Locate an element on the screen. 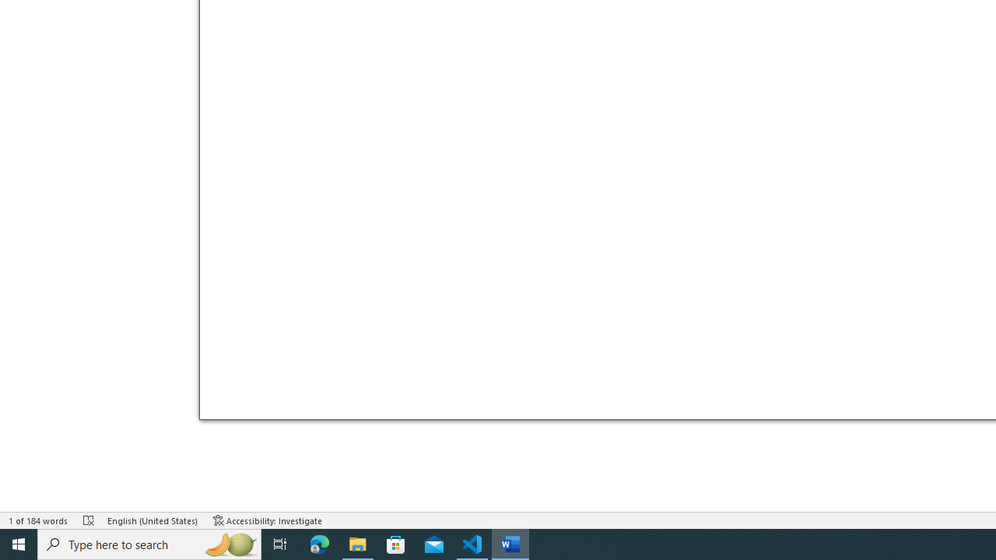  'Microsoft Store' is located at coordinates (396, 543).